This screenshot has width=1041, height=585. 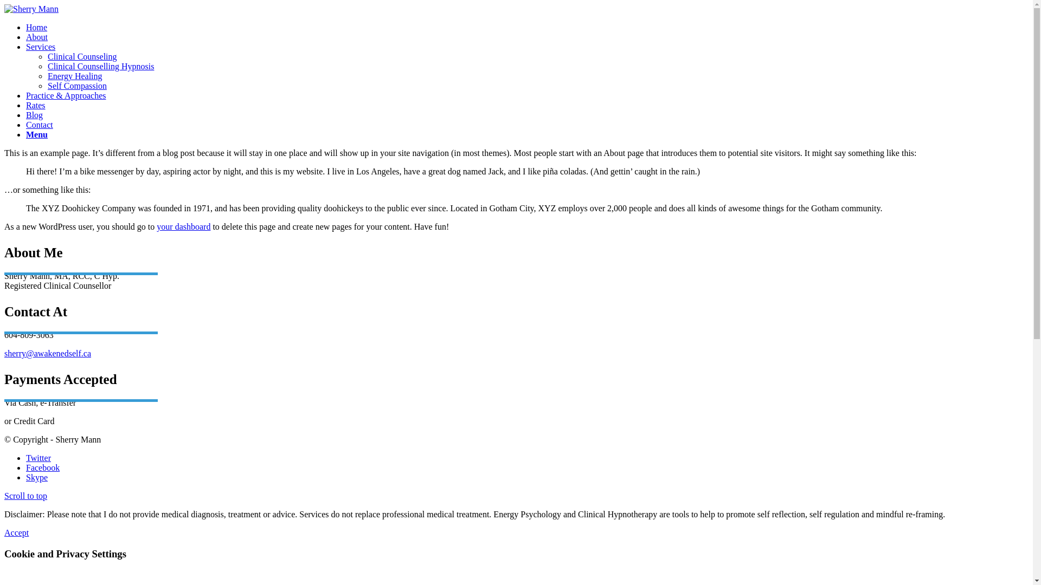 What do you see at coordinates (47, 75) in the screenshot?
I see `'Energy Healing'` at bounding box center [47, 75].